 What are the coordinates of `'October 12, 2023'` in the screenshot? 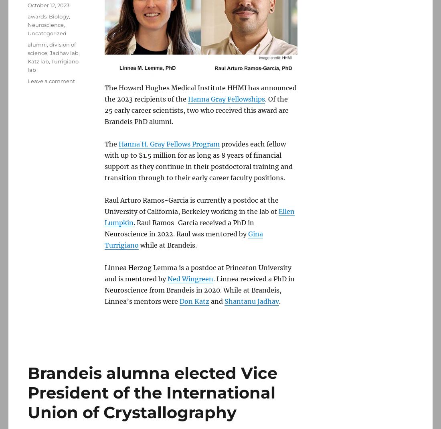 It's located at (49, 5).